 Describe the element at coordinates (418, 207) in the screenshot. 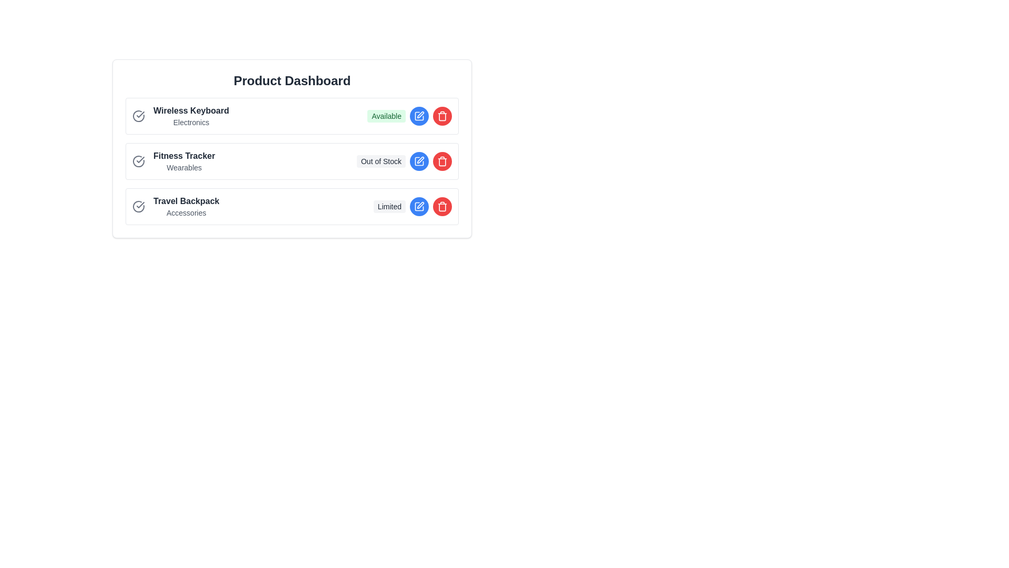

I see `the edit button for the product Travel Backpack to change its status` at that location.